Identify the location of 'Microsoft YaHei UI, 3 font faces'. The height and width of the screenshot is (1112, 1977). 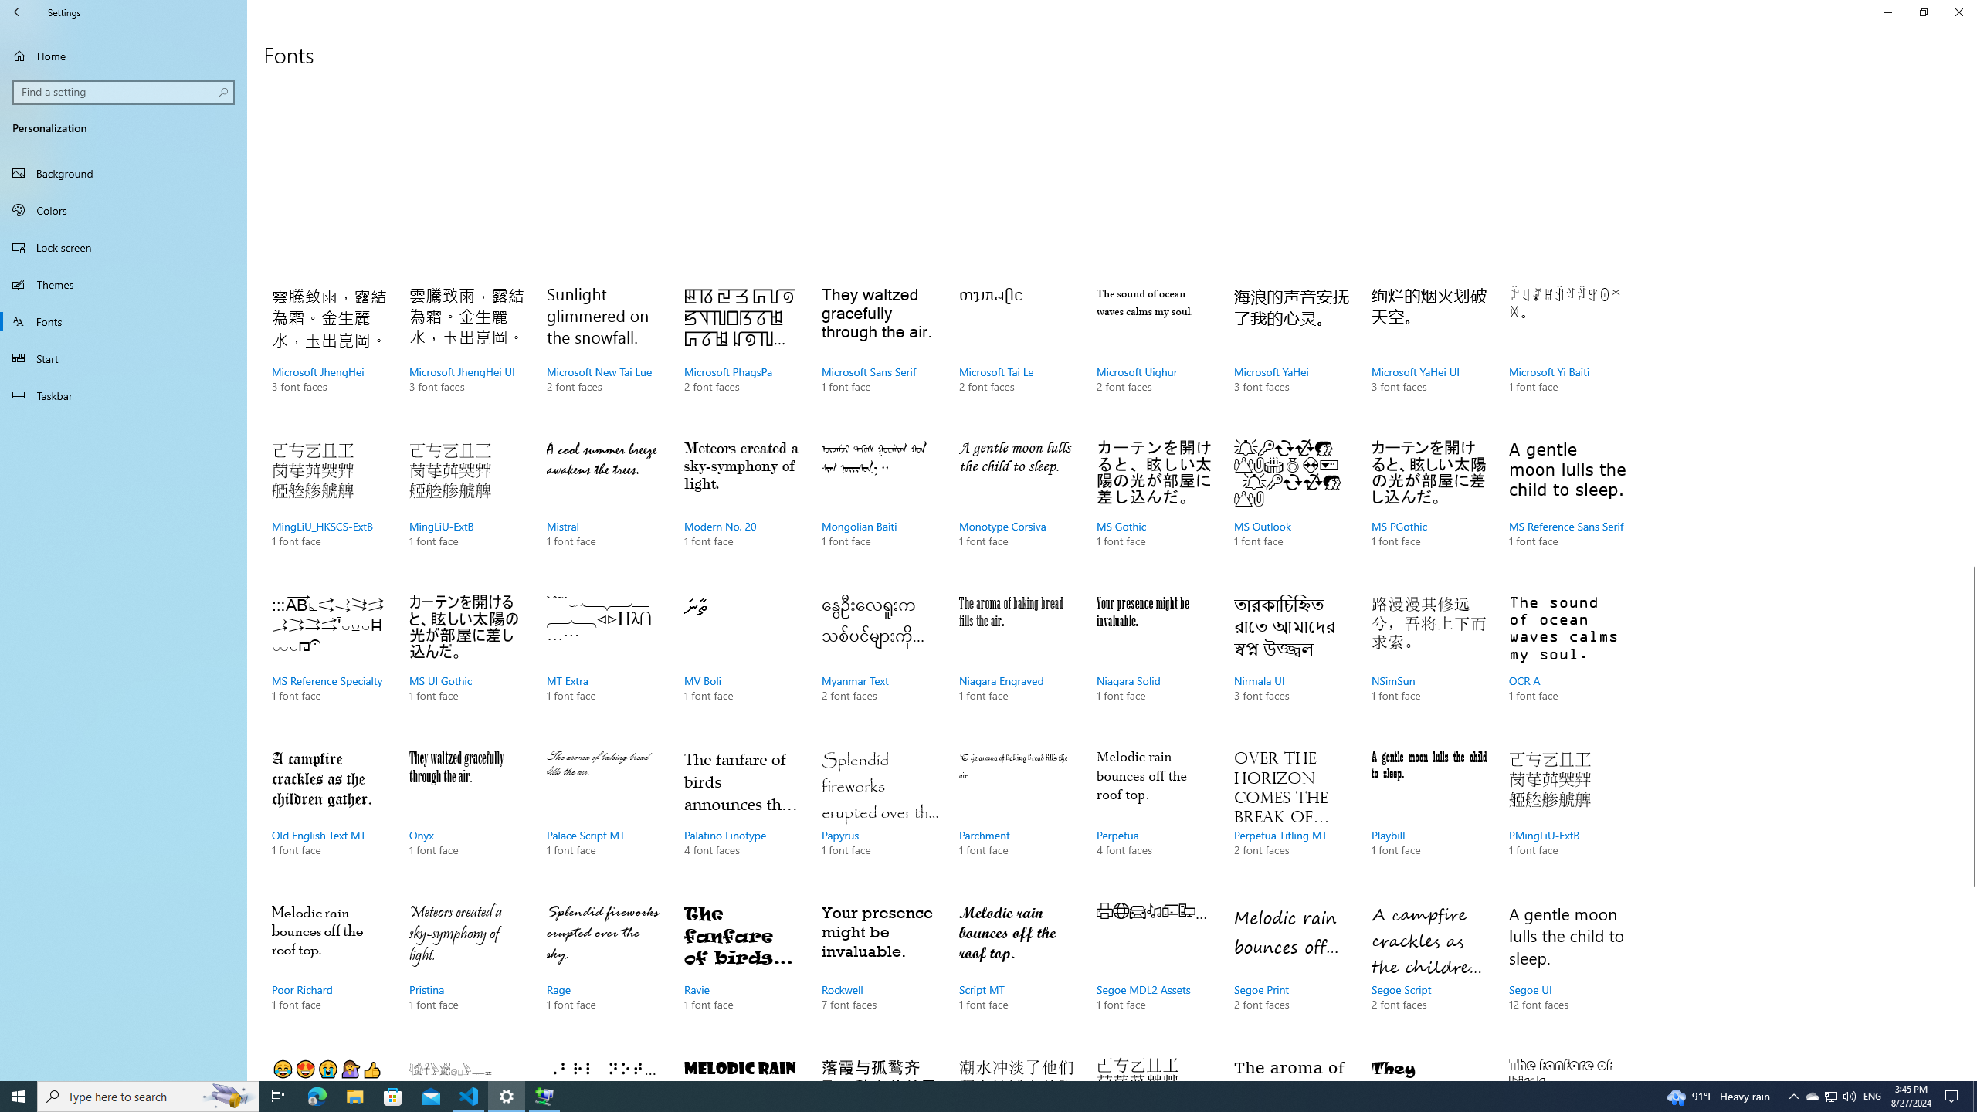
(1429, 354).